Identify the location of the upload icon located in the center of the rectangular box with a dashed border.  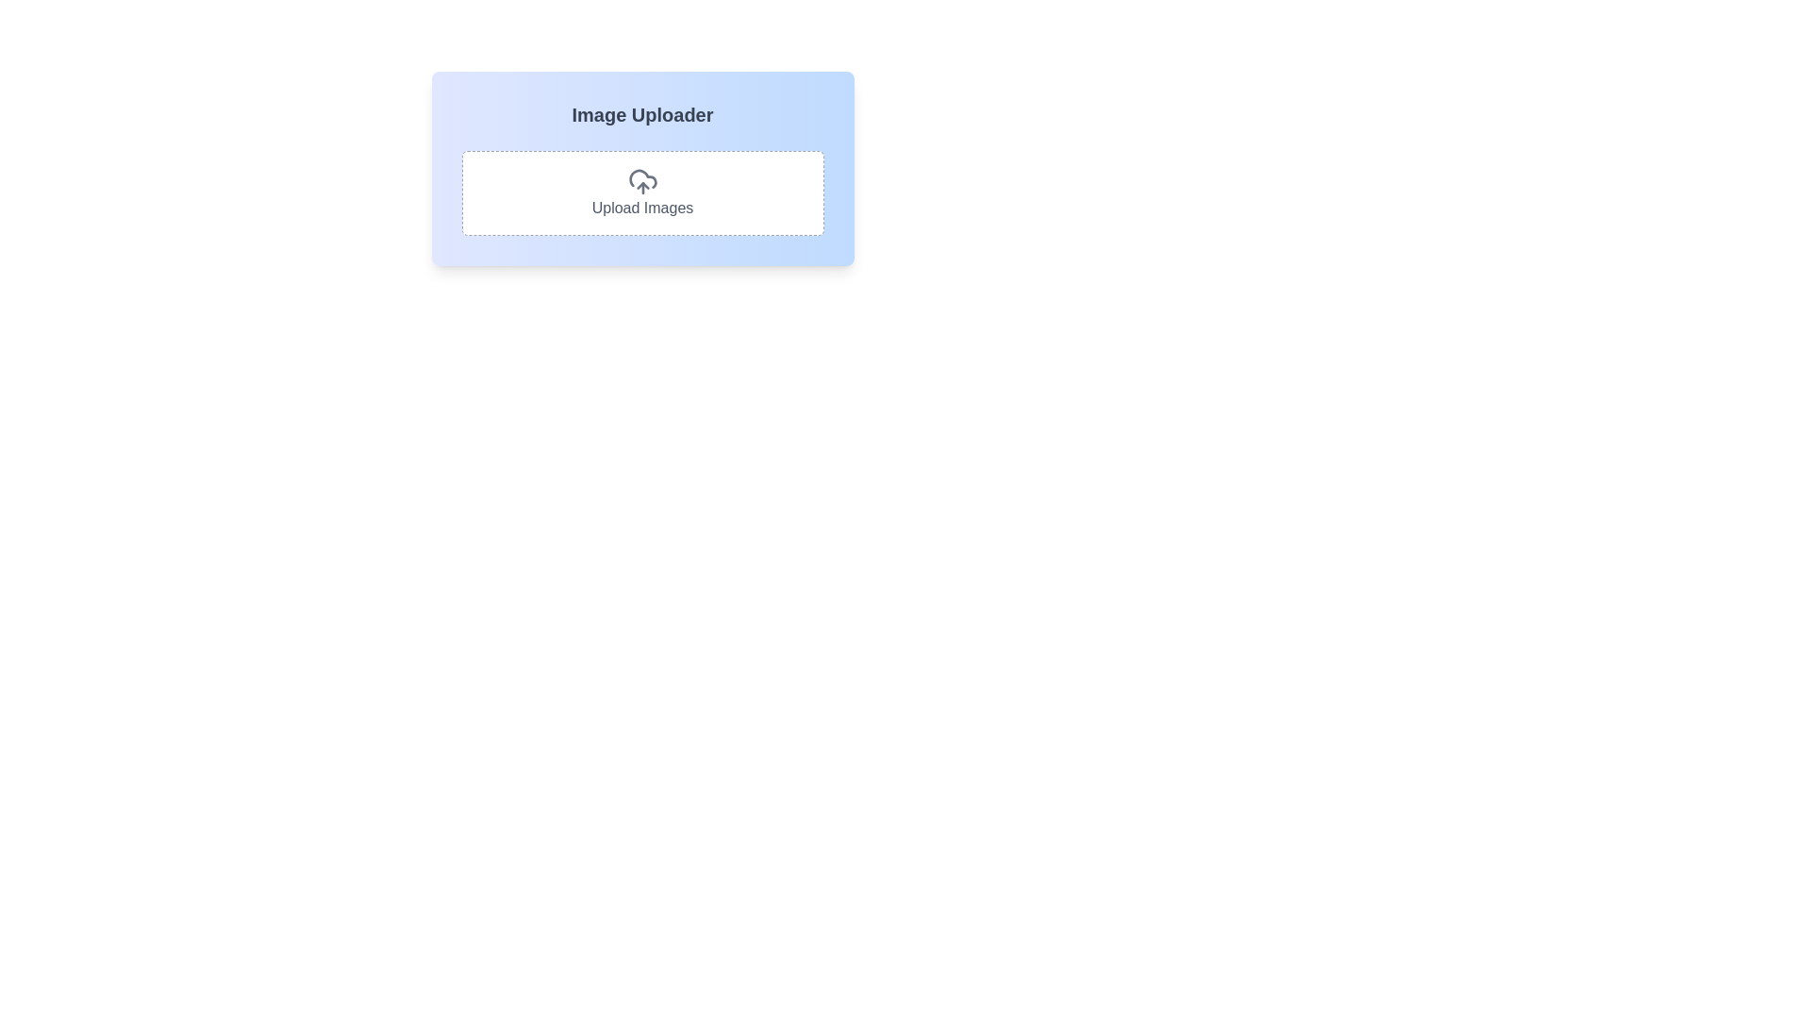
(642, 181).